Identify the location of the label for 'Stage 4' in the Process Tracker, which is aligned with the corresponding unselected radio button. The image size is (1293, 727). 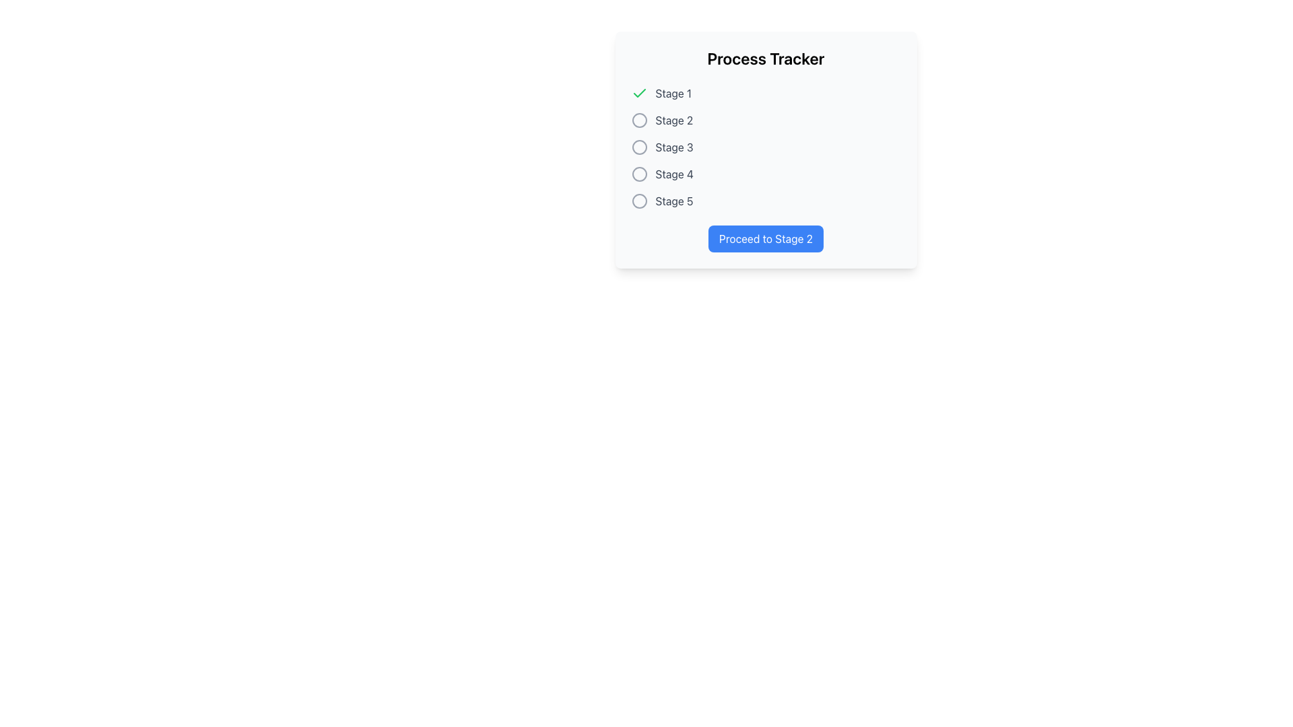
(674, 173).